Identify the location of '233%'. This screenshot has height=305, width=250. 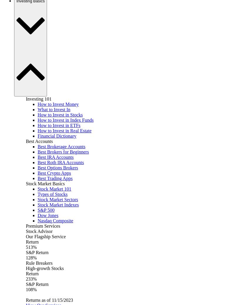
(31, 279).